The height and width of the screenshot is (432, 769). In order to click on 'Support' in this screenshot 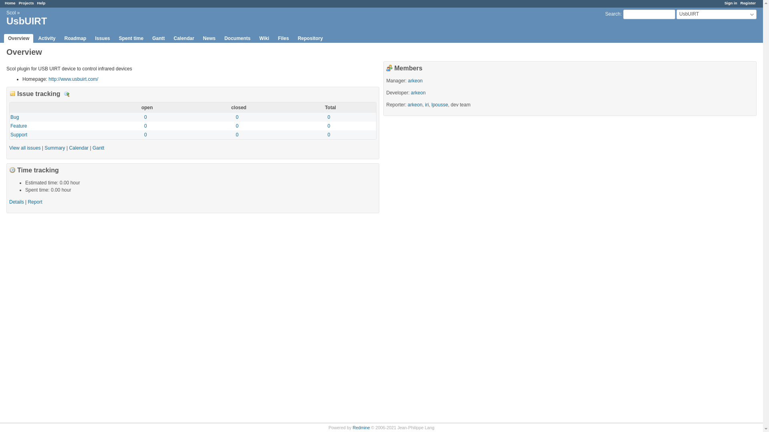, I will do `click(10, 134)`.